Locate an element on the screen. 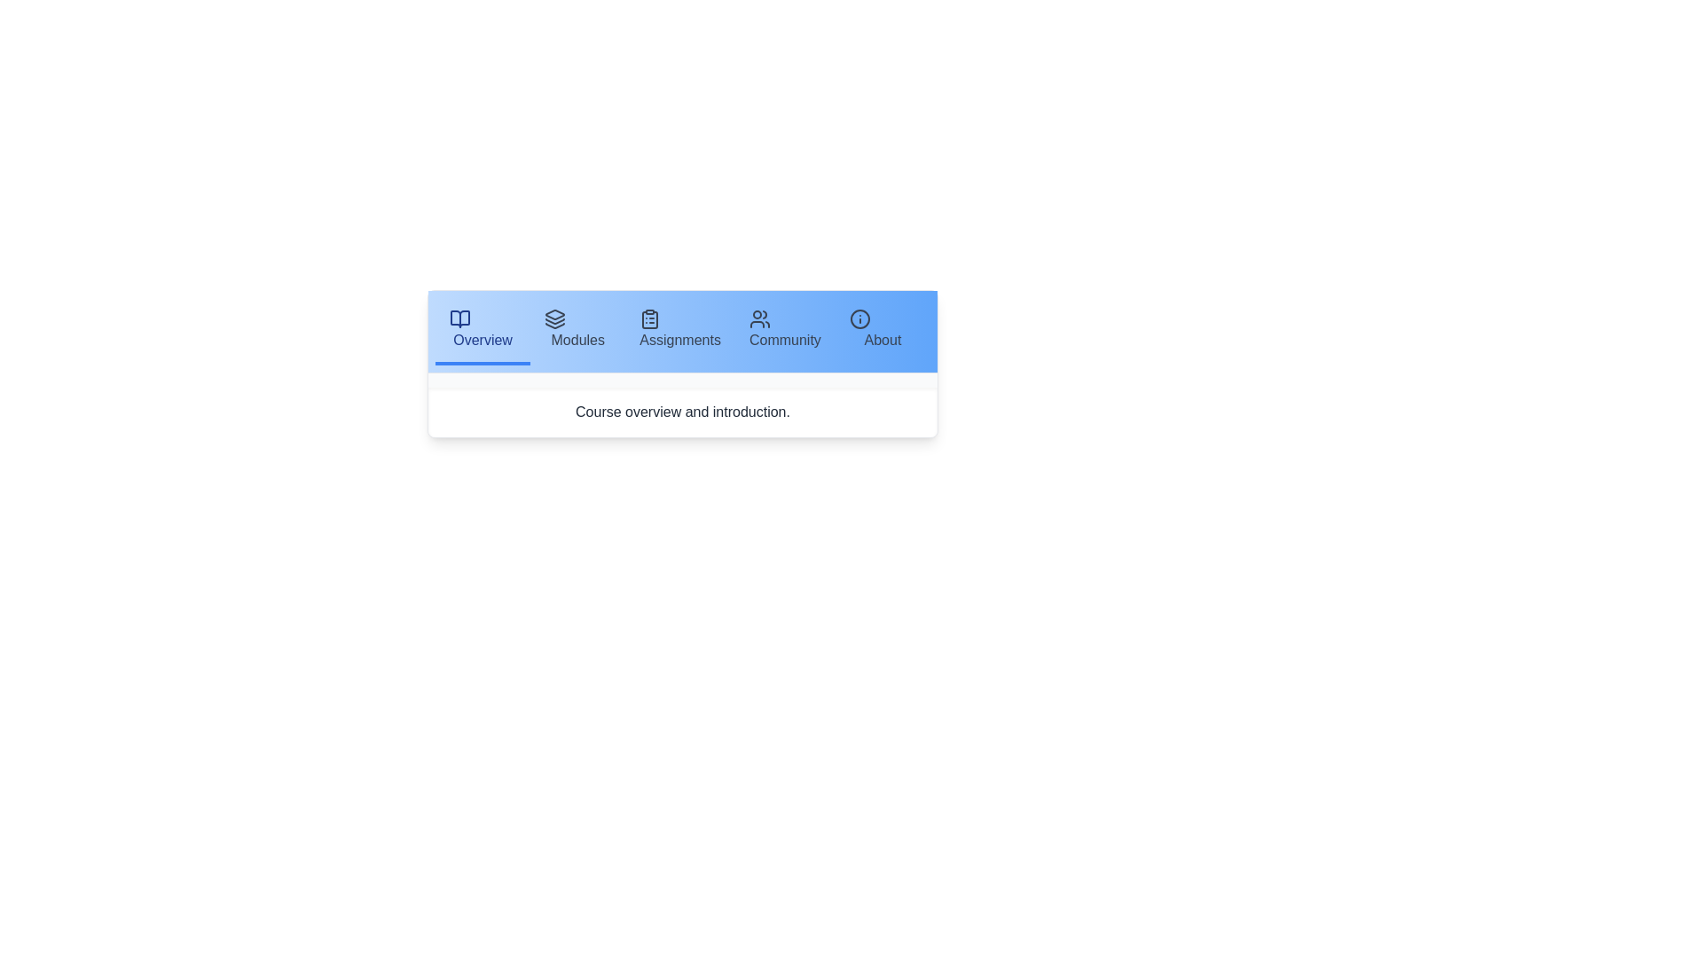 This screenshot has width=1703, height=958. the 'Overview' button in the top navigation bar is located at coordinates (483, 341).